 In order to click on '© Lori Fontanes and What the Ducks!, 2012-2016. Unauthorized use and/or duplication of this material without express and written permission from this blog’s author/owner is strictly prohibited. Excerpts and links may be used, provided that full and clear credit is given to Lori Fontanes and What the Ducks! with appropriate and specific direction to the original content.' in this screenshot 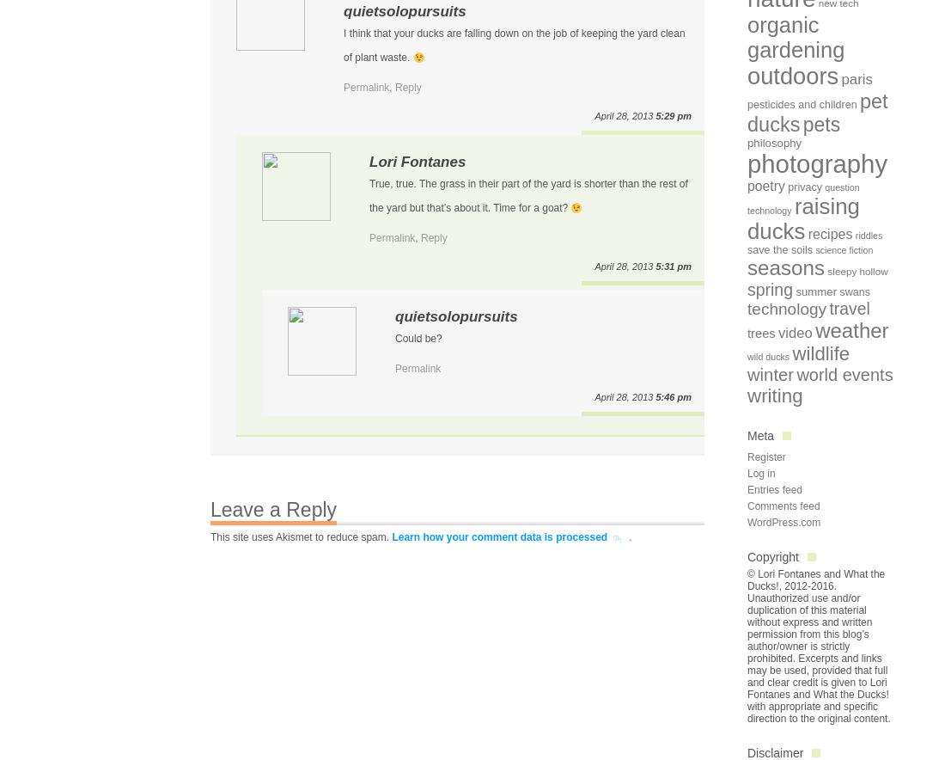, I will do `click(819, 647)`.